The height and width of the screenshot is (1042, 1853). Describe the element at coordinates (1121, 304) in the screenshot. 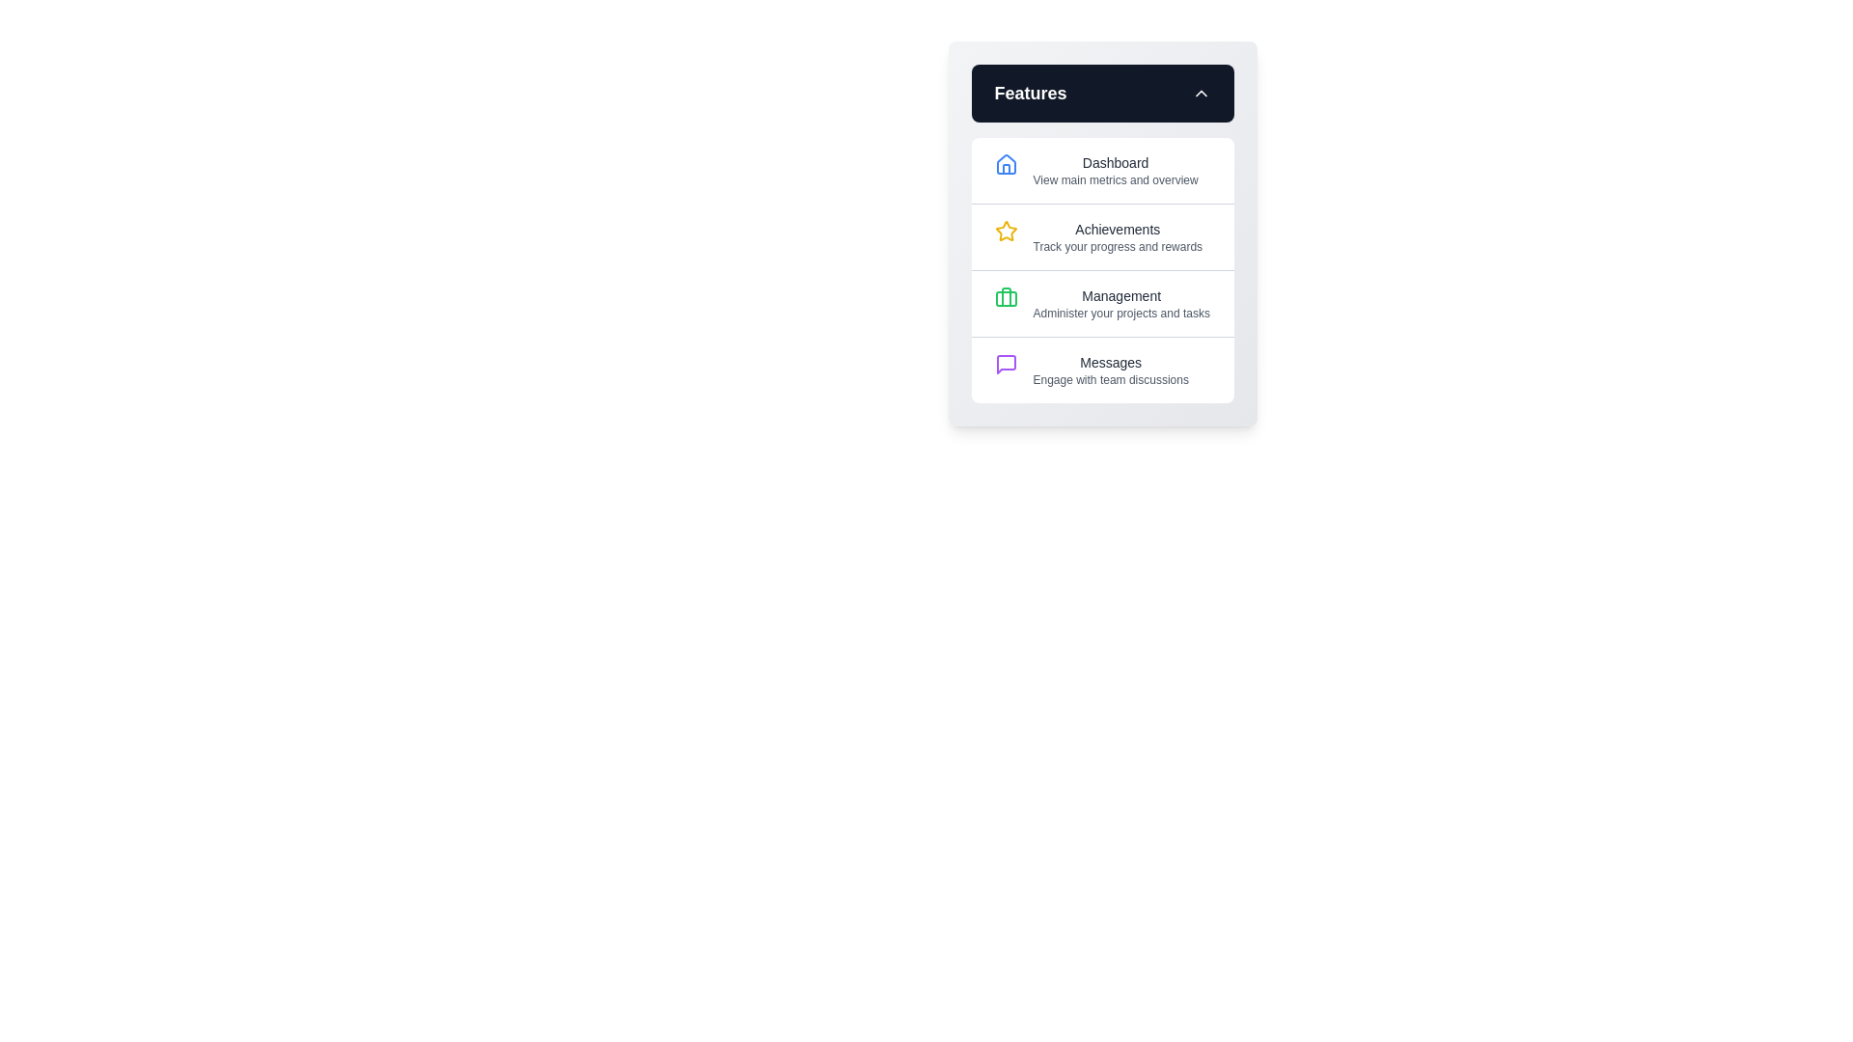

I see `the text label displaying 'Management' which includes a description 'Administer your projects and tasks'` at that location.